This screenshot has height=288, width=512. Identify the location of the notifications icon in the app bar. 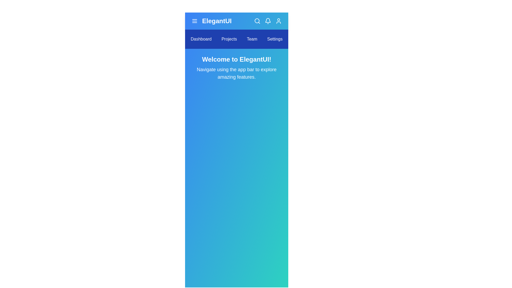
(268, 21).